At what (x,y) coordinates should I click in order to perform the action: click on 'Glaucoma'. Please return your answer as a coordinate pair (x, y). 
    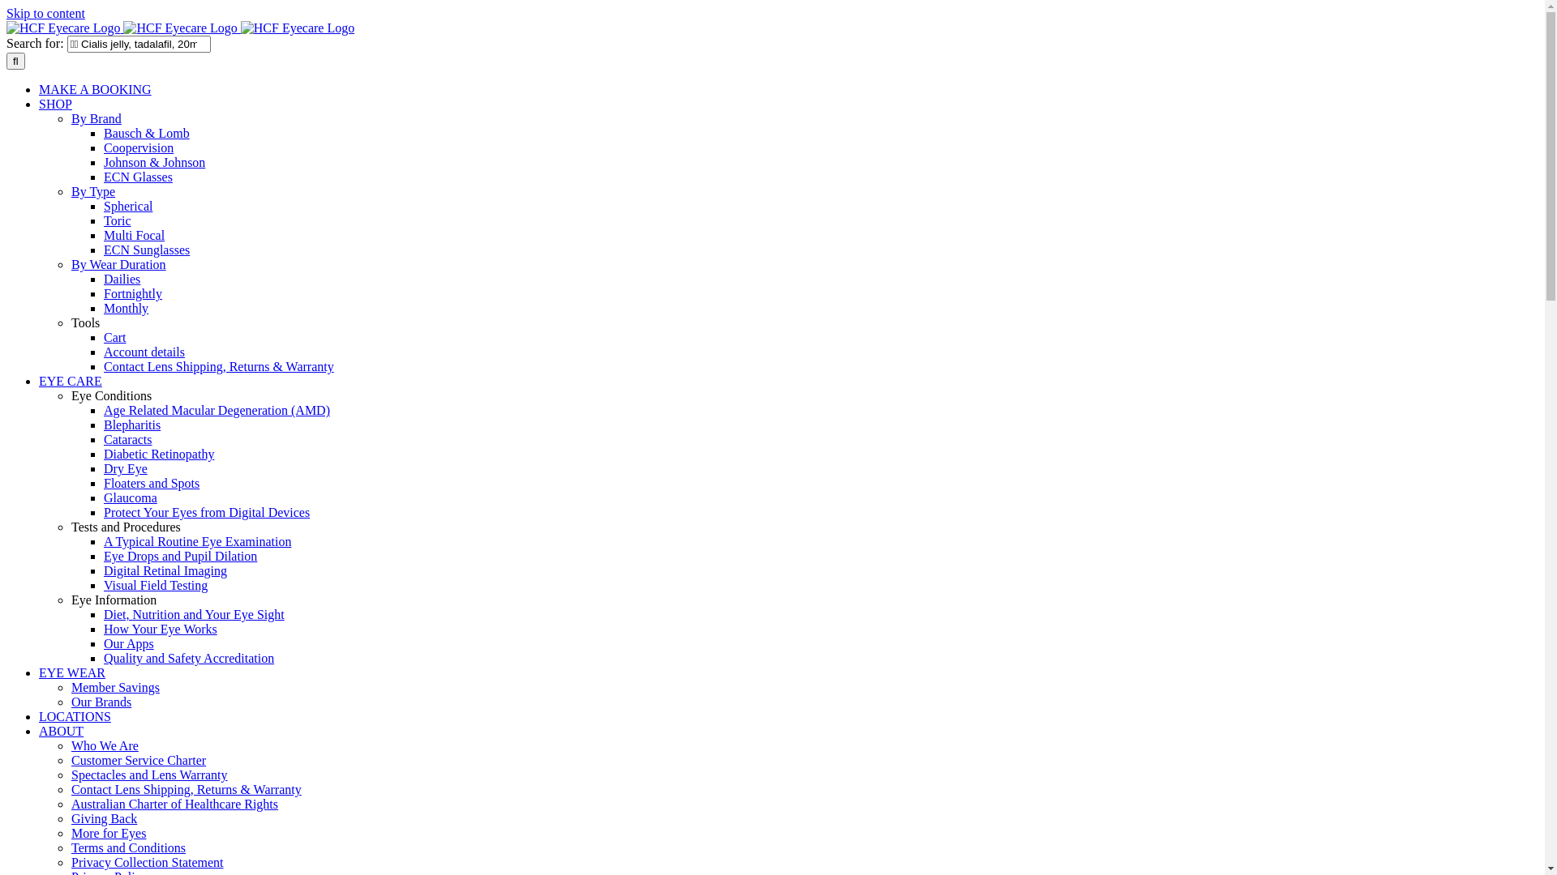
    Looking at the image, I should click on (131, 497).